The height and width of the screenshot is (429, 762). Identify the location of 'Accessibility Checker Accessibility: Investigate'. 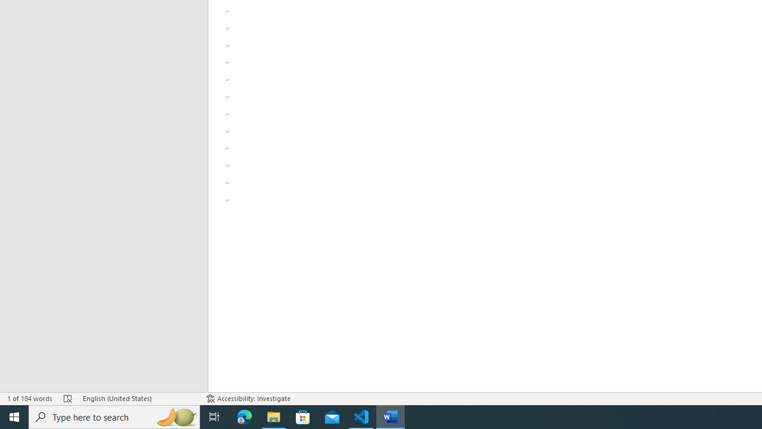
(248, 399).